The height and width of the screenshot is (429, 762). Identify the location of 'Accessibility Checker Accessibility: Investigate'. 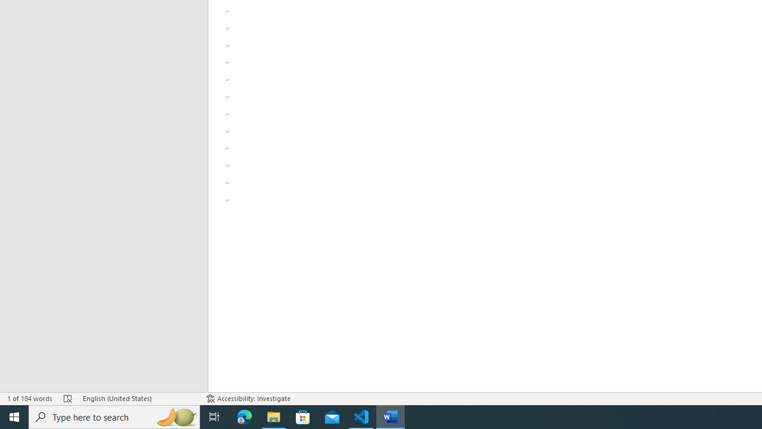
(248, 399).